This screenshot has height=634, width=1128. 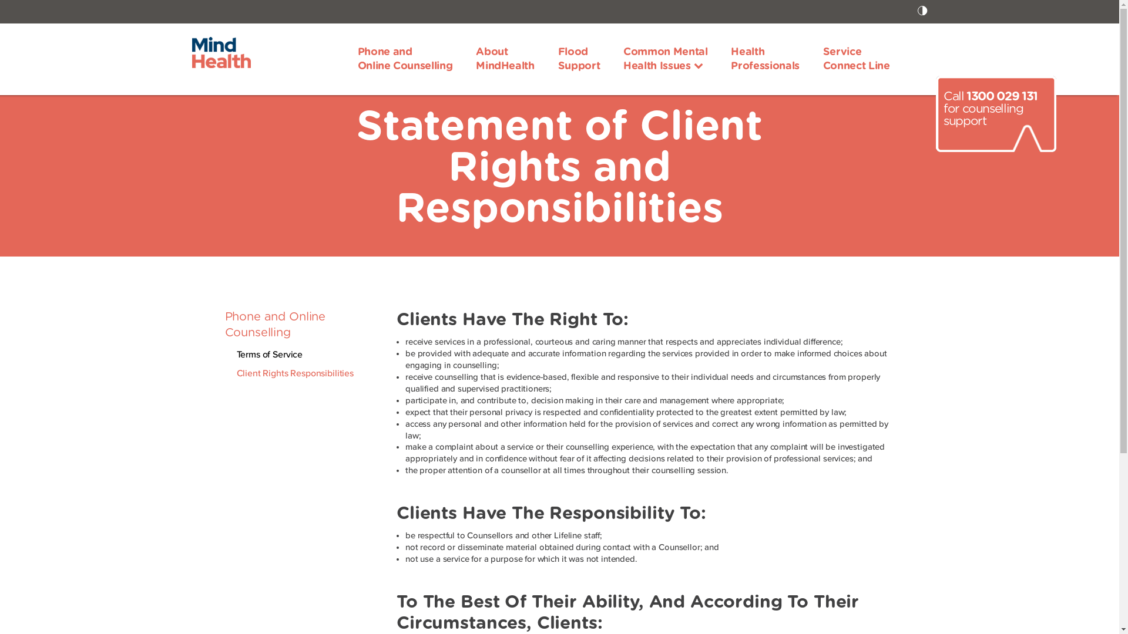 What do you see at coordinates (236, 355) in the screenshot?
I see `'Terms of Service'` at bounding box center [236, 355].